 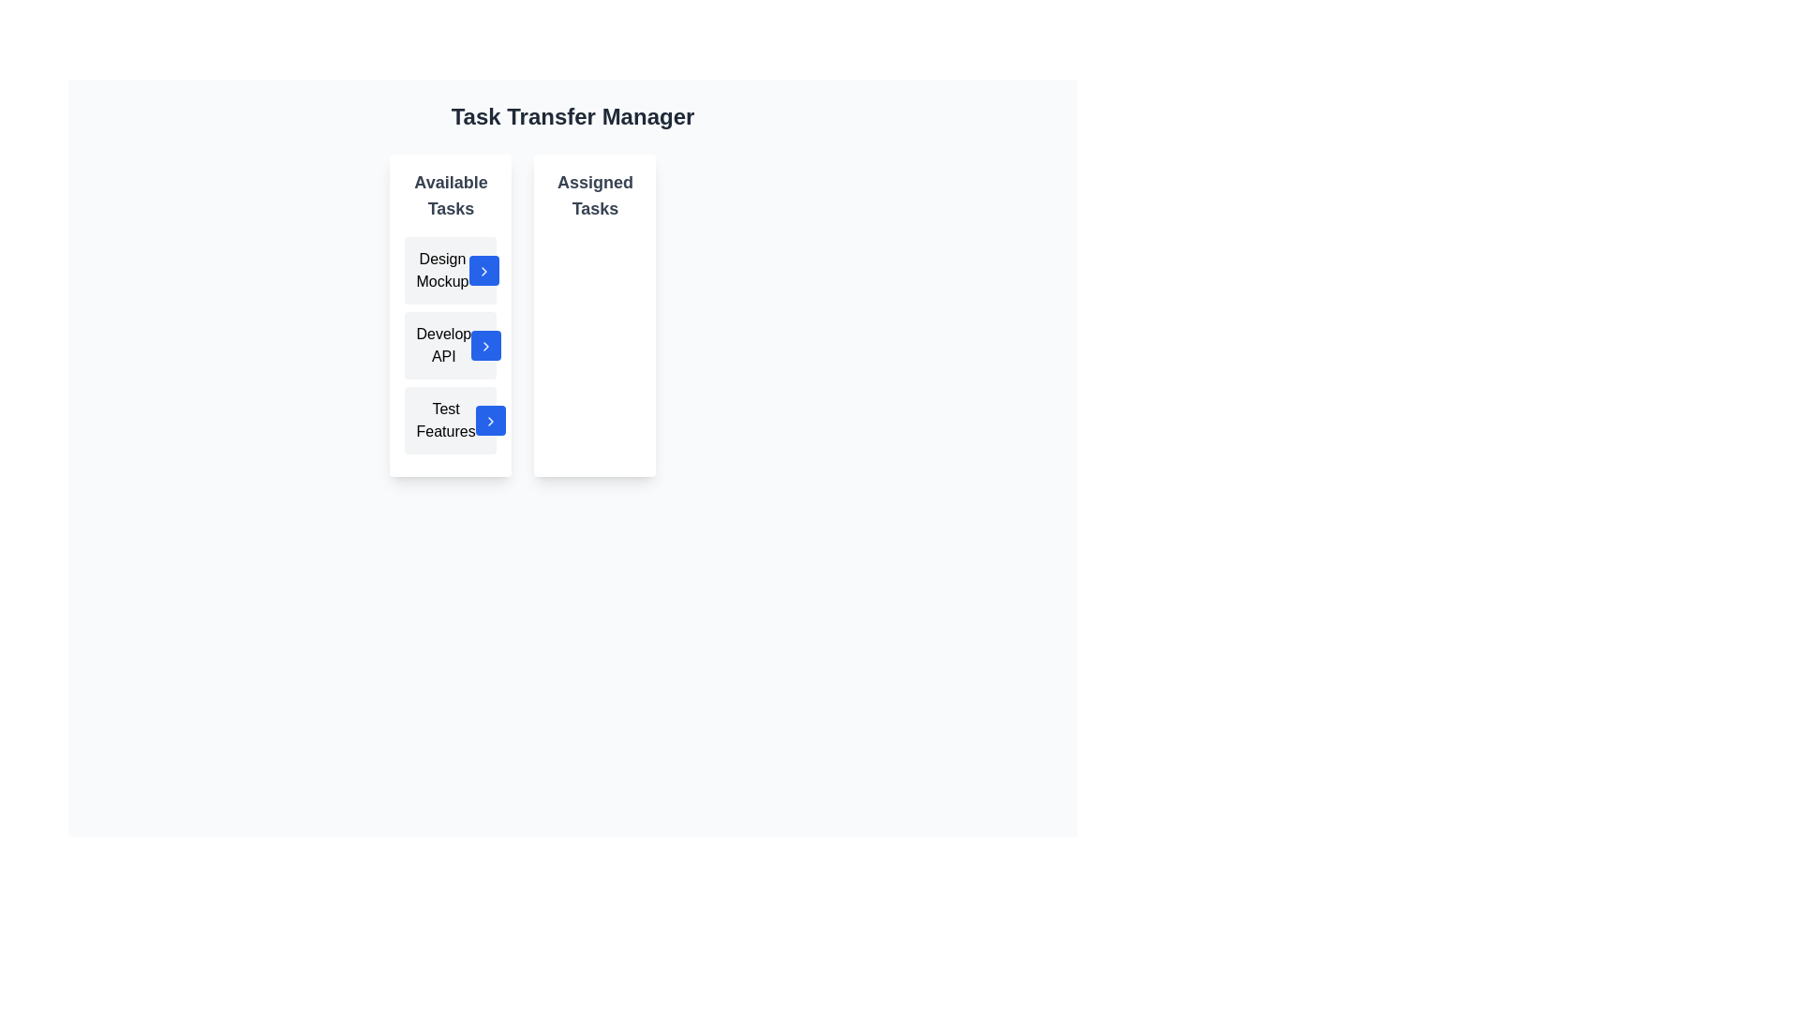 I want to click on the 'Design Mockup' button with a light gray background and a small blue chevron icon to observe the hover effect, so click(x=451, y=271).